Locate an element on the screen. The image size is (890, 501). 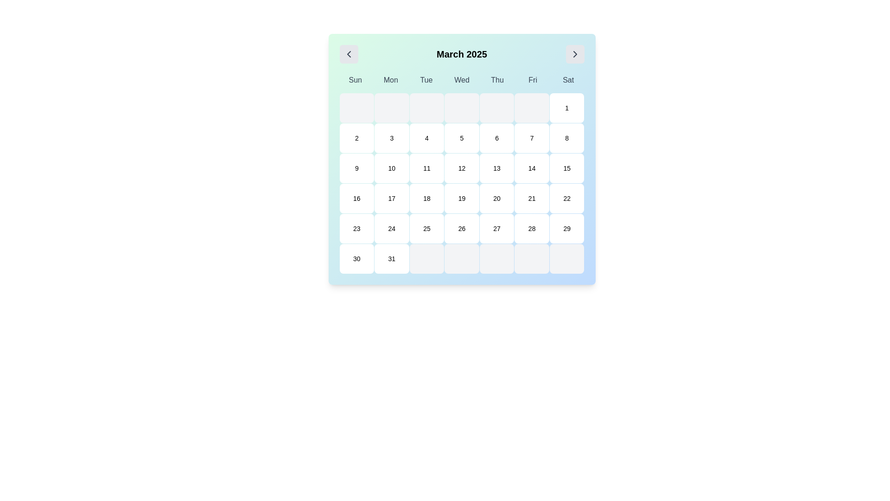
the static text displaying the current month and year in the top center of the calendar view, positioned between navigation buttons is located at coordinates (462, 54).